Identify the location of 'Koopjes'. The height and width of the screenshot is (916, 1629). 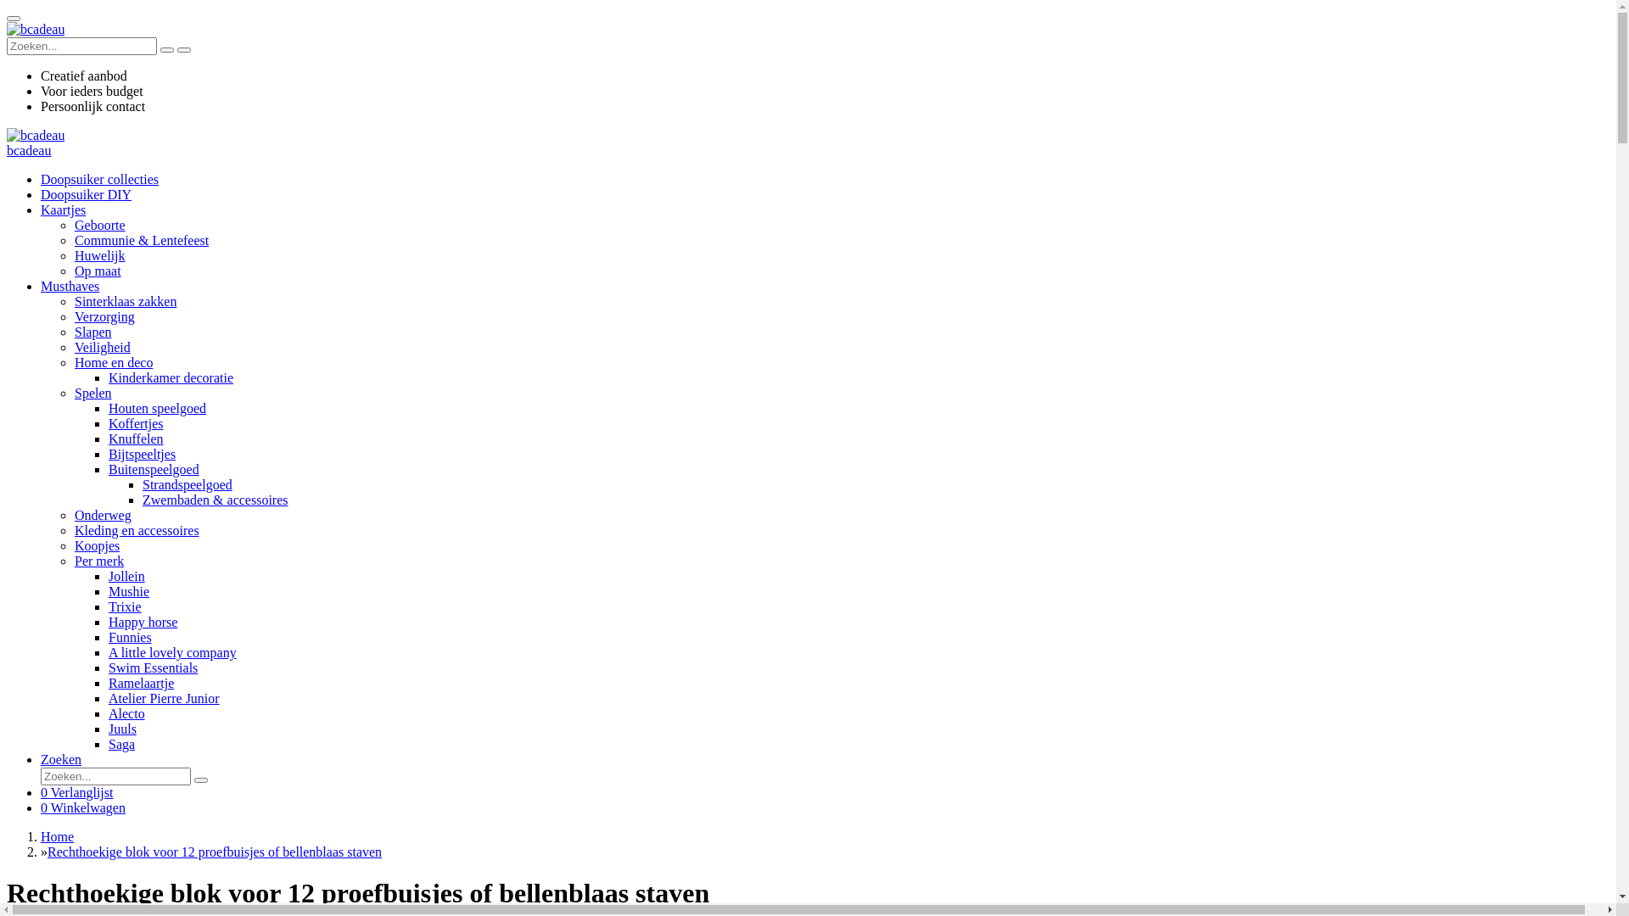
(96, 545).